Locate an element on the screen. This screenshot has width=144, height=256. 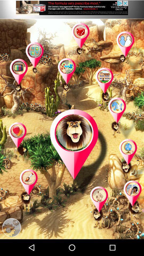
goto selection is located at coordinates (110, 89).